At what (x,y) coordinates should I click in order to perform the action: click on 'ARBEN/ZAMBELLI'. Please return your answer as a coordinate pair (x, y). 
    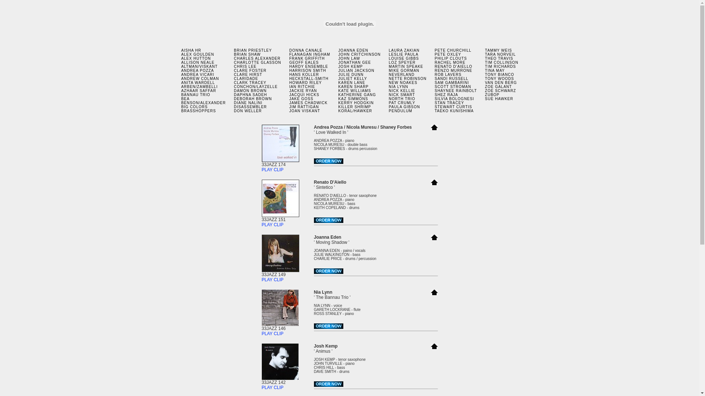
    Looking at the image, I should click on (181, 86).